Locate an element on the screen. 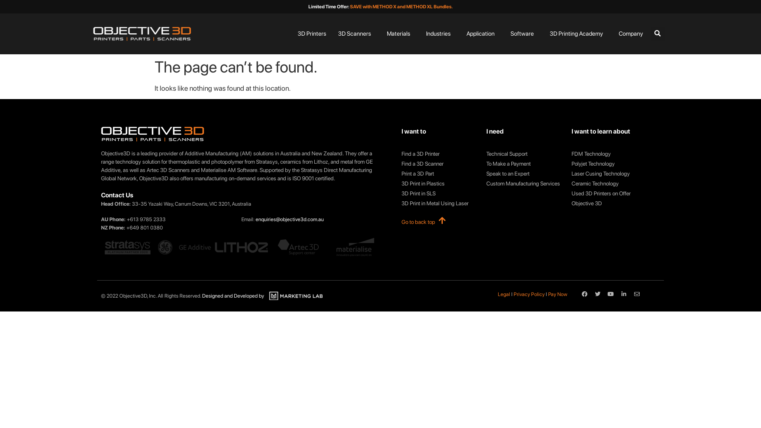 This screenshot has width=761, height=428. 'Polyjet Technology' is located at coordinates (609, 163).